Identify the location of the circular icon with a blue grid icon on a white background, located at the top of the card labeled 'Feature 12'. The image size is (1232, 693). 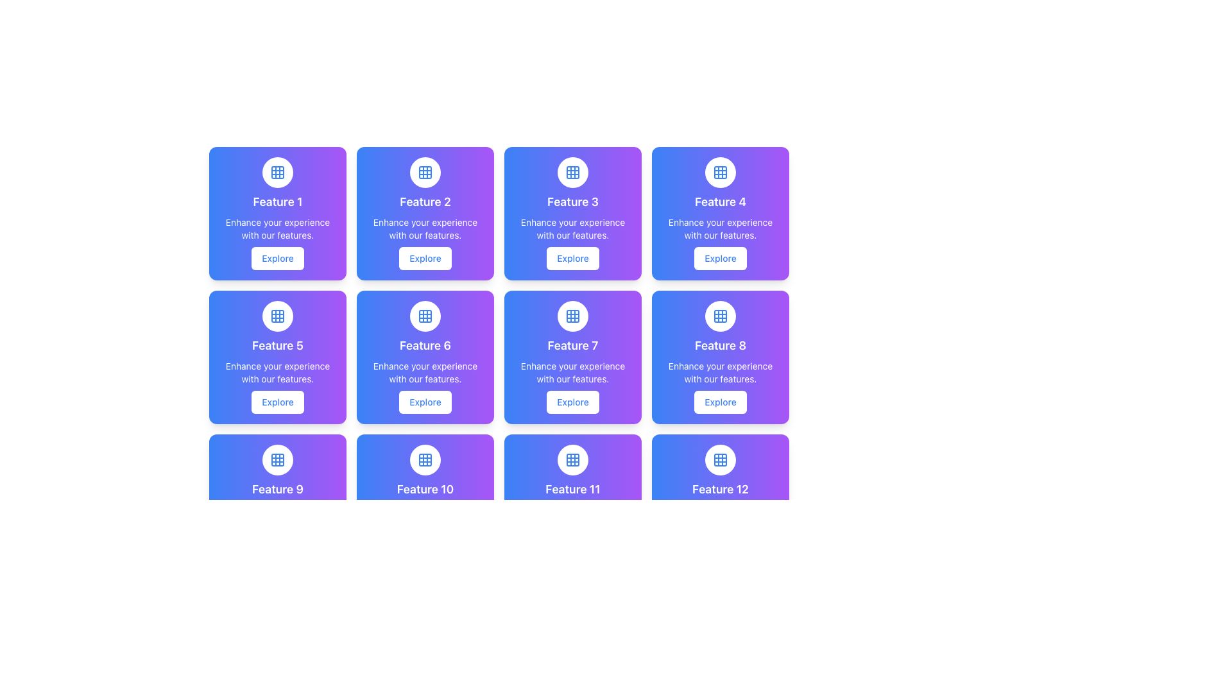
(721, 459).